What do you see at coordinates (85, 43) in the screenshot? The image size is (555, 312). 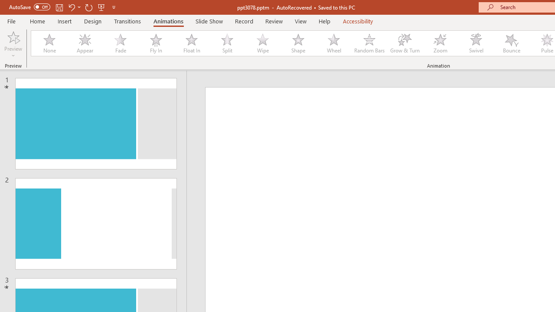 I see `'Appear'` at bounding box center [85, 43].